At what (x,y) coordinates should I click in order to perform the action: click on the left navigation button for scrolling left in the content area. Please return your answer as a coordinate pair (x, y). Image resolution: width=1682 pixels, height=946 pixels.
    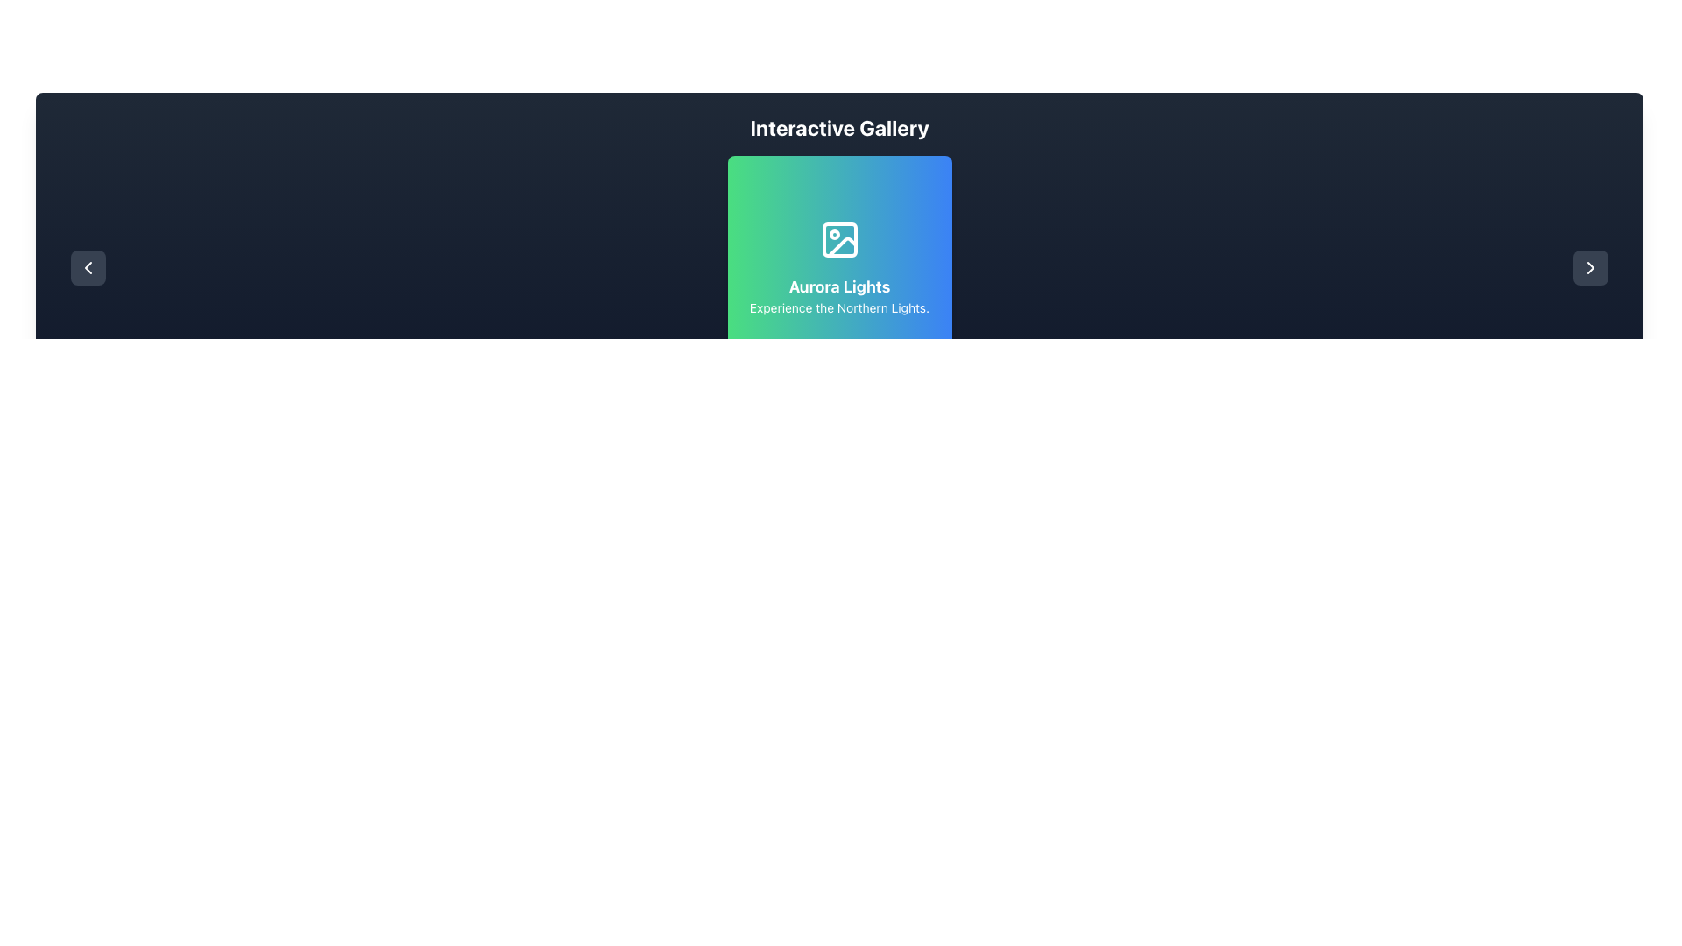
    Looking at the image, I should click on (87, 267).